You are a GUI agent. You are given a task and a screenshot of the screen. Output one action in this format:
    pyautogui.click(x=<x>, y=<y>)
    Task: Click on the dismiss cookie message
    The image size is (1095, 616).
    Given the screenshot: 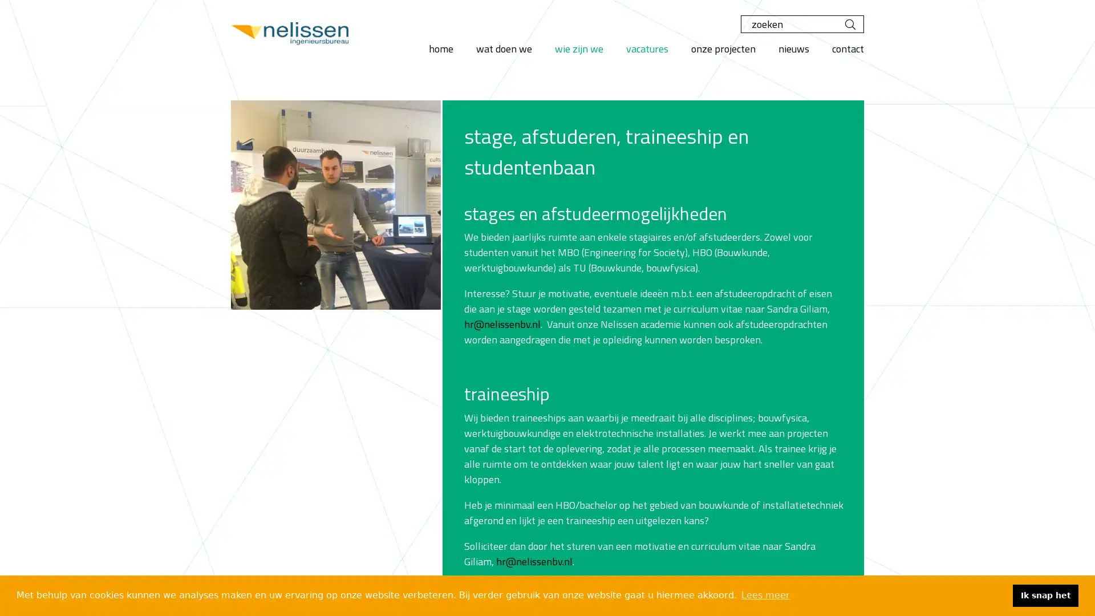 What is the action you would take?
    pyautogui.click(x=1045, y=595)
    